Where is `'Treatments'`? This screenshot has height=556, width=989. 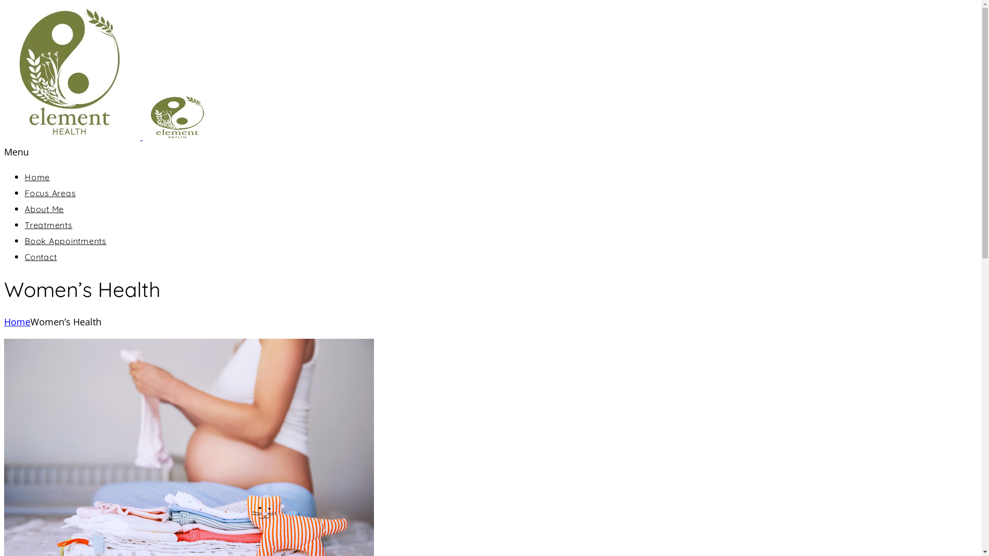
'Treatments' is located at coordinates (48, 224).